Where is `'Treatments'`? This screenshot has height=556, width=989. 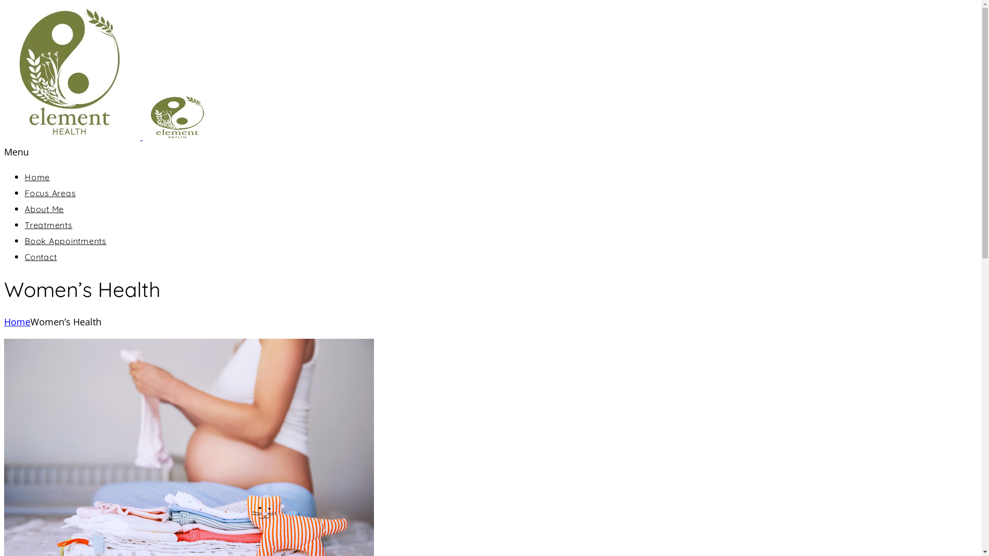
'Treatments' is located at coordinates (48, 224).